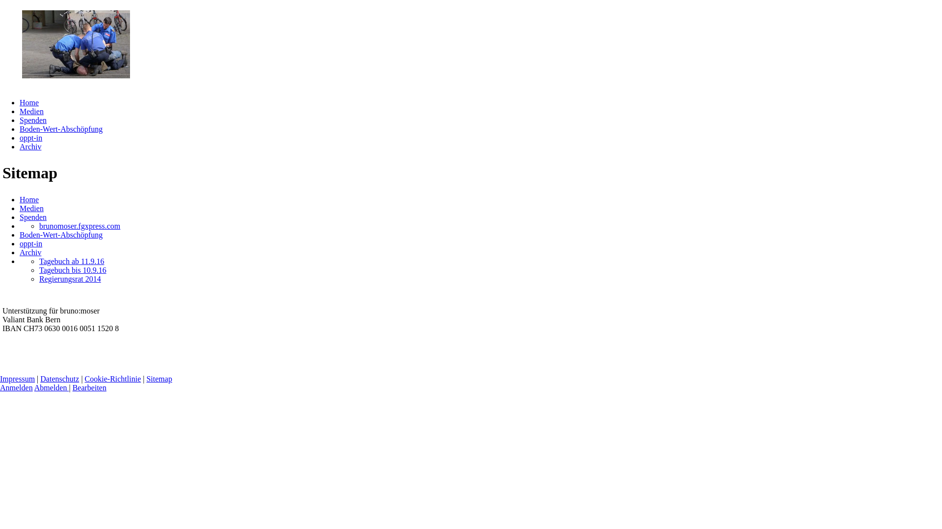 The height and width of the screenshot is (529, 942). What do you see at coordinates (70, 279) in the screenshot?
I see `'Regierungsrat 2014'` at bounding box center [70, 279].